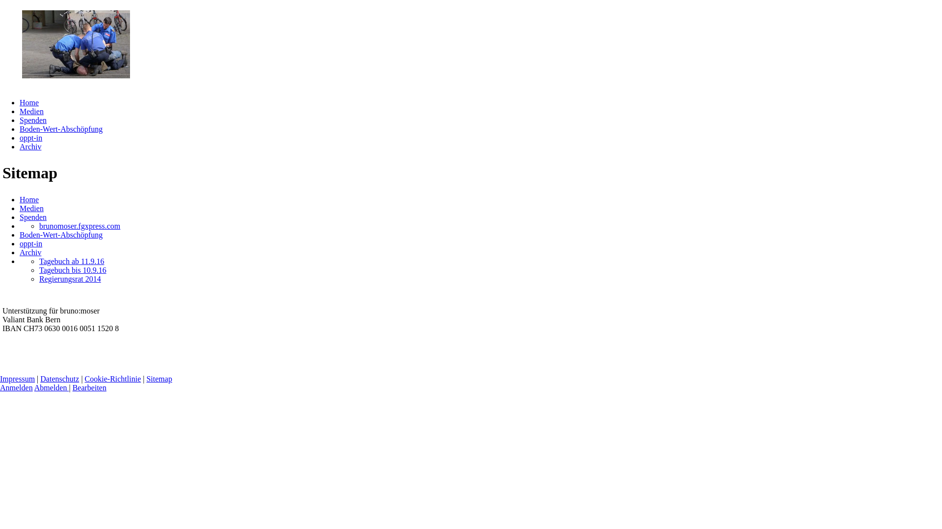 The height and width of the screenshot is (529, 942). What do you see at coordinates (70, 279) in the screenshot?
I see `'Regierungsrat 2014'` at bounding box center [70, 279].